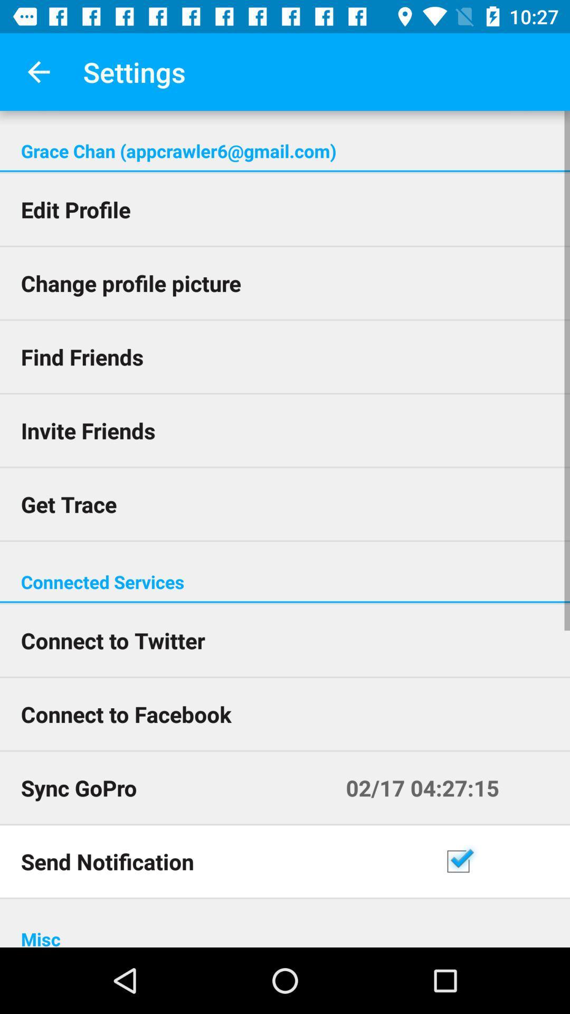 The height and width of the screenshot is (1014, 570). What do you see at coordinates (285, 356) in the screenshot?
I see `the find friends` at bounding box center [285, 356].